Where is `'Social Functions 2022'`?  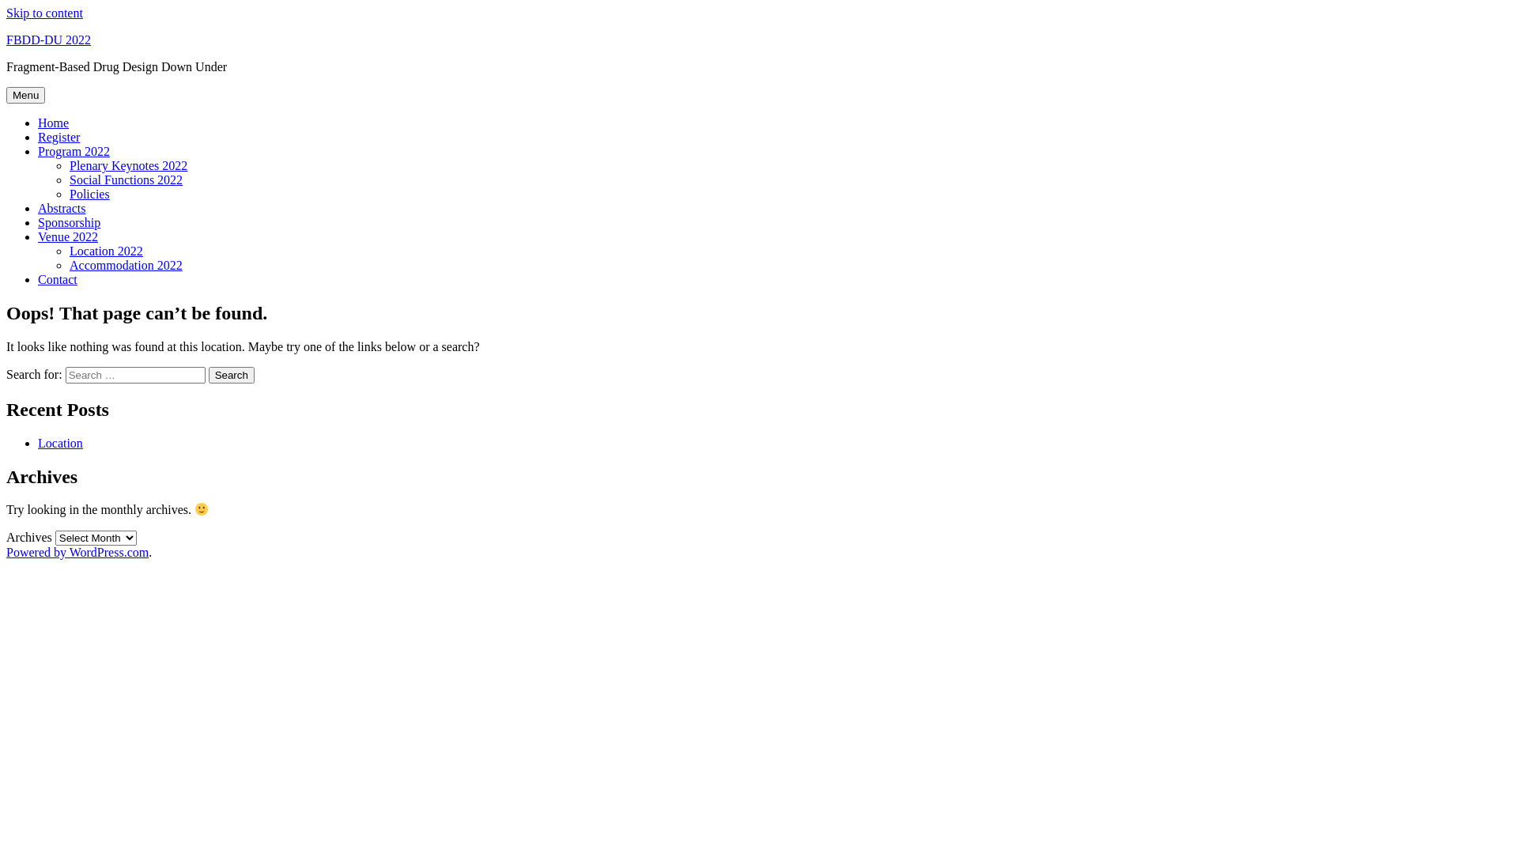 'Social Functions 2022' is located at coordinates (125, 179).